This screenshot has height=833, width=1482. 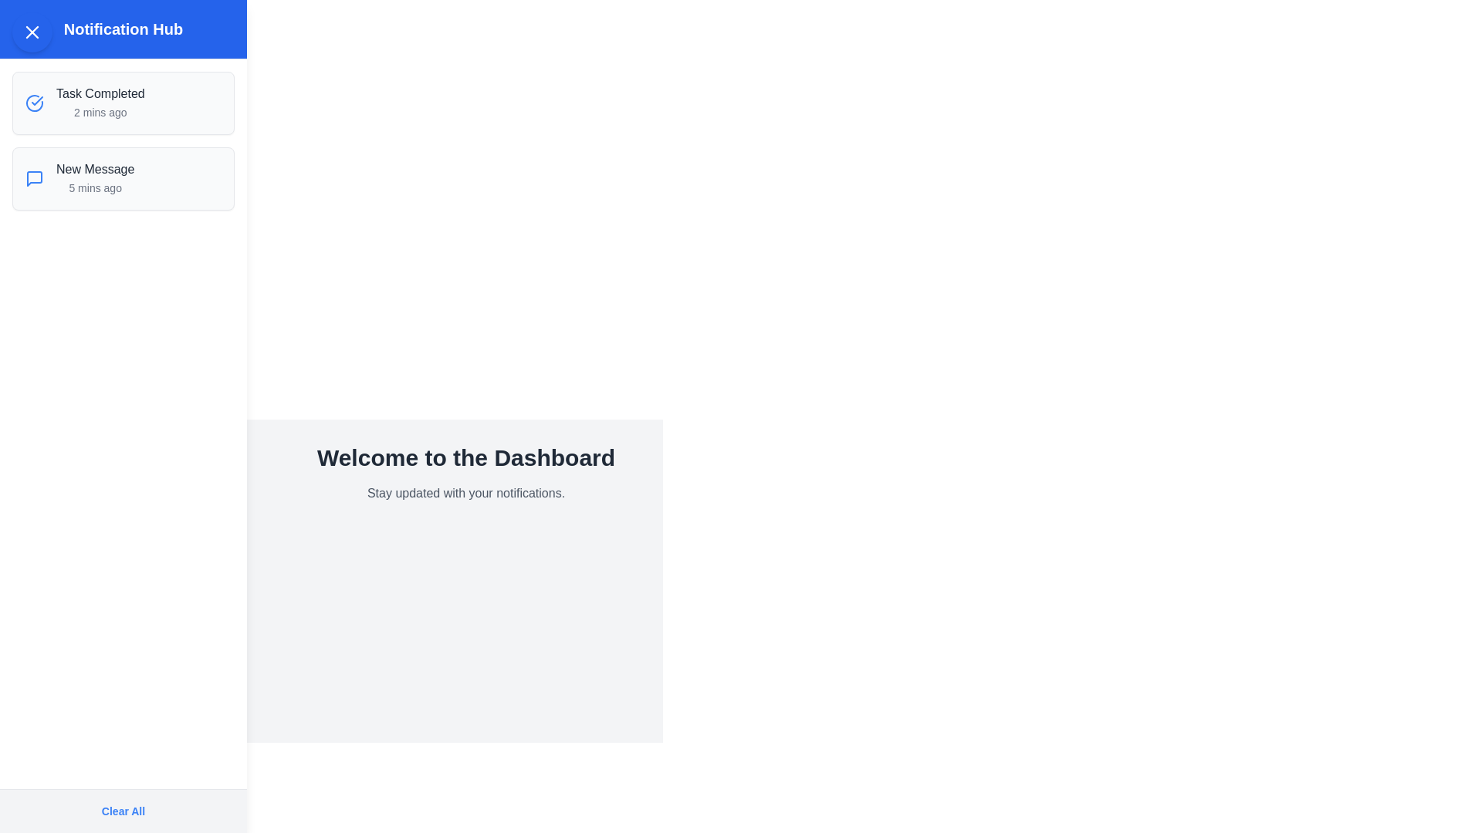 What do you see at coordinates (34, 177) in the screenshot?
I see `the new message notification icon located to the left of the 'New Message' text in the second notification item under the 'Notification Hub' header` at bounding box center [34, 177].